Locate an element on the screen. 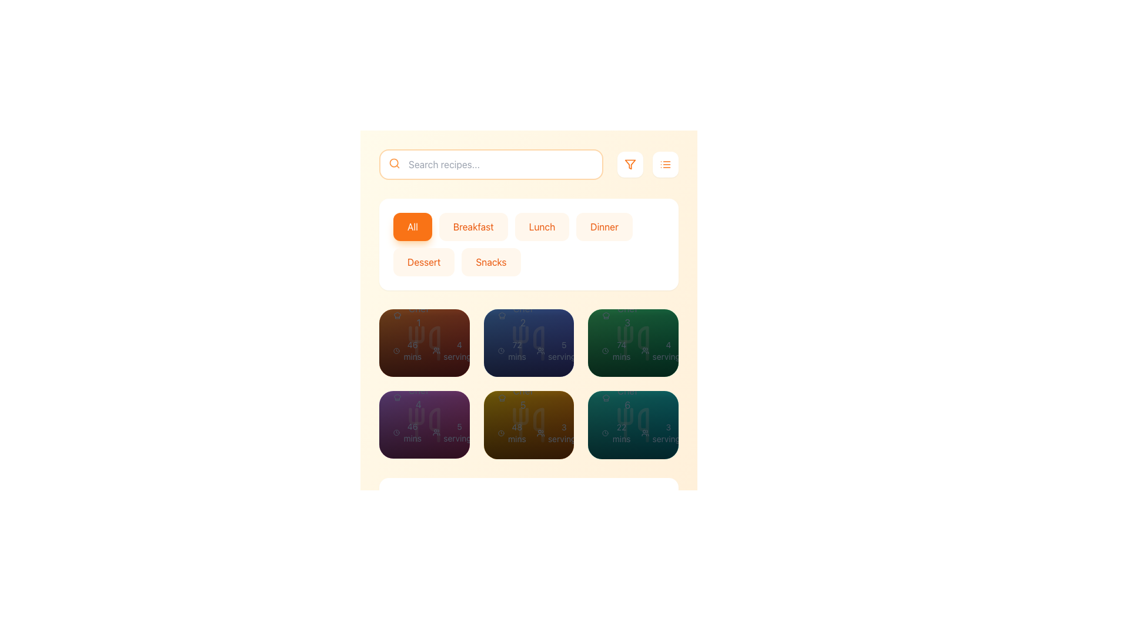  SVG icon representing the recipe section located in the third column of the first row of a 3x2 grid layout is located at coordinates (528, 343).